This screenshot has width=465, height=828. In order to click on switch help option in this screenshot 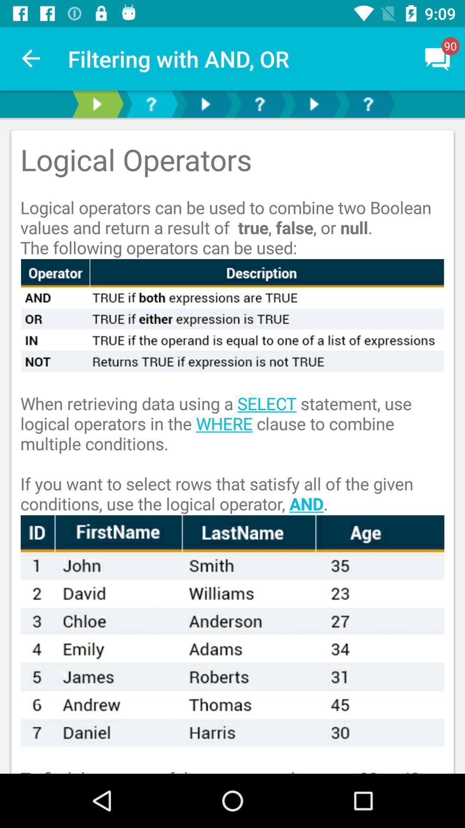, I will do `click(151, 103)`.